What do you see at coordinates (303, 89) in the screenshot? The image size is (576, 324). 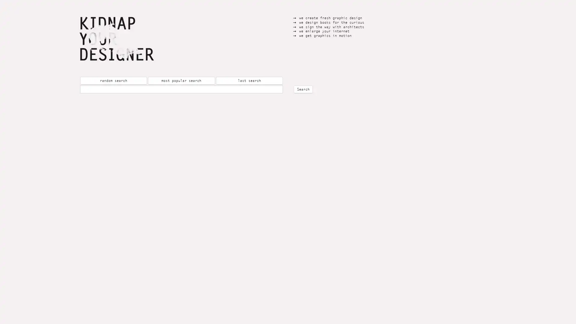 I see `Search` at bounding box center [303, 89].